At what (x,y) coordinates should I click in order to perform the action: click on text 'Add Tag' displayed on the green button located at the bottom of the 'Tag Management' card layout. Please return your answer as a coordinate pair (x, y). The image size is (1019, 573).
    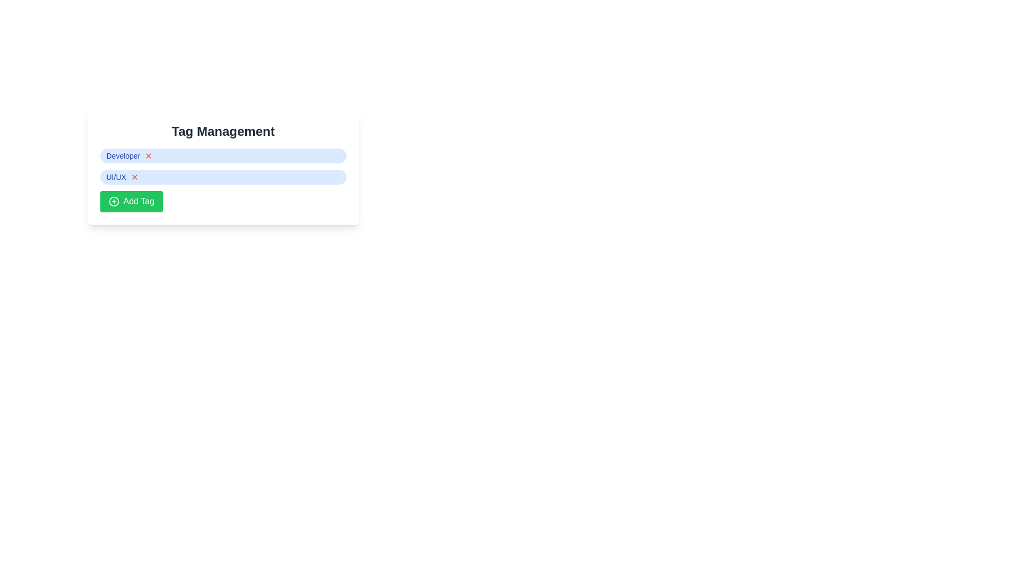
    Looking at the image, I should click on (138, 202).